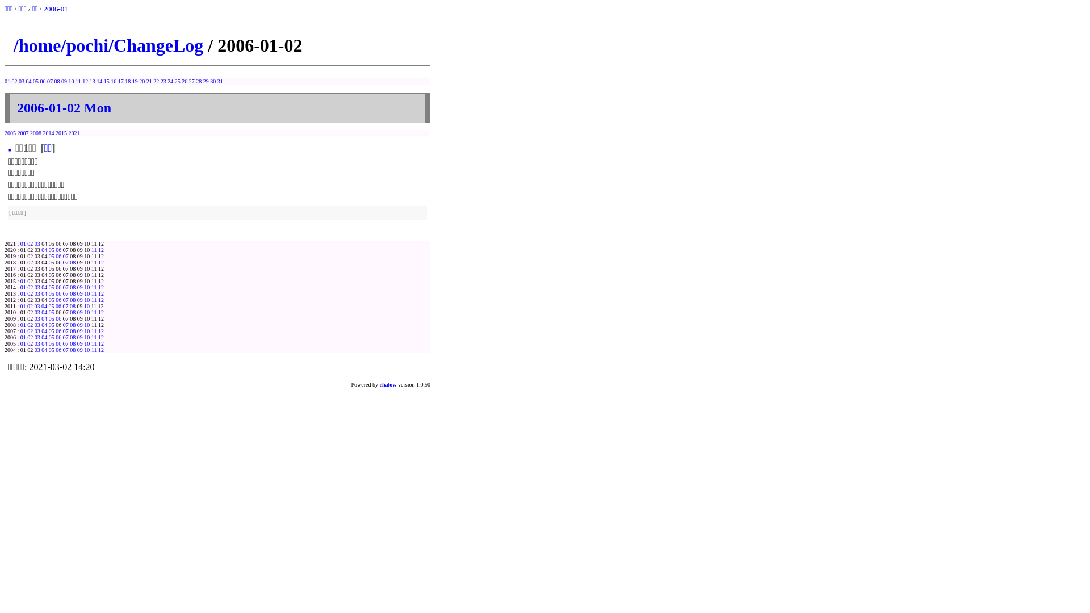 This screenshot has width=1090, height=613. I want to click on '03', so click(35, 312).